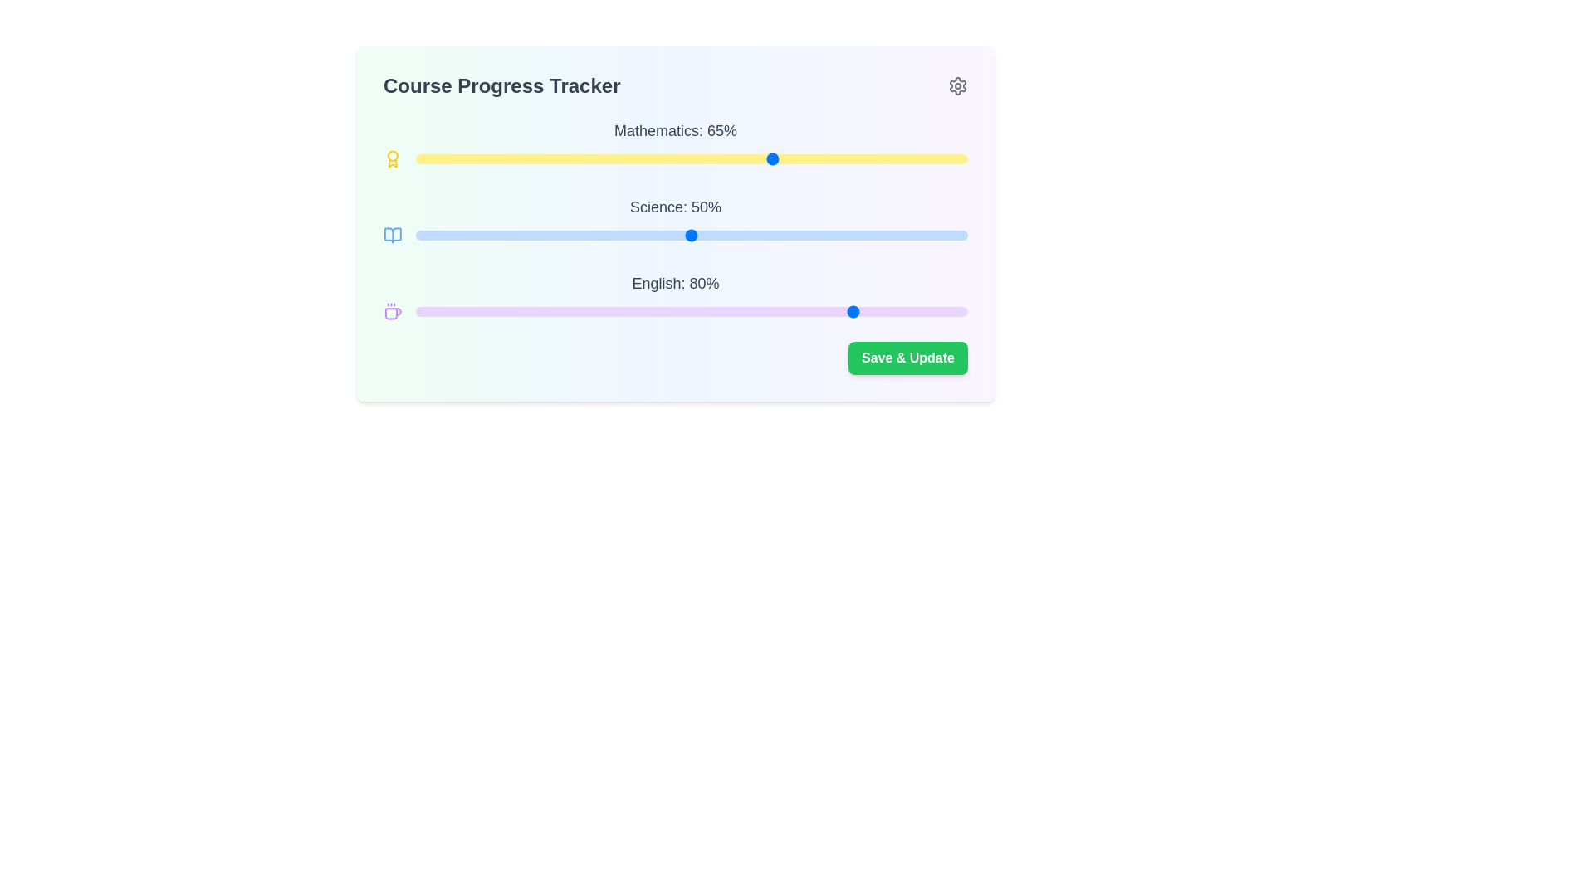 This screenshot has height=896, width=1594. I want to click on the mathematics progress, so click(624, 159).